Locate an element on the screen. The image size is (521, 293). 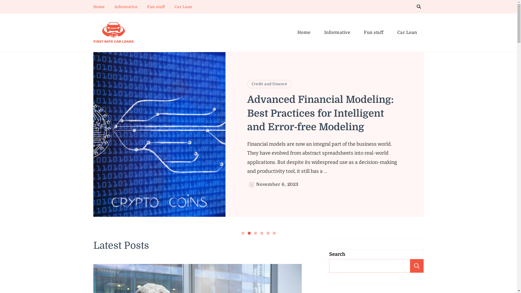
'Home' is located at coordinates (99, 7).